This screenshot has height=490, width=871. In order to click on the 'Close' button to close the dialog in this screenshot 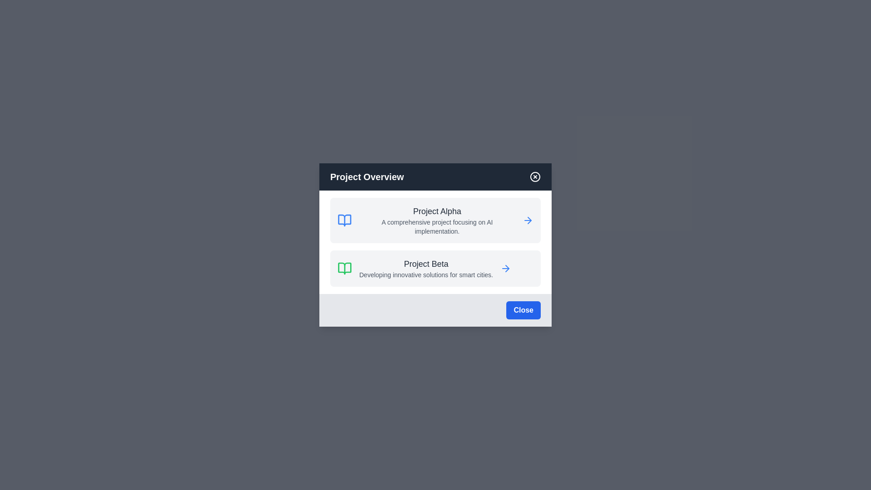, I will do `click(523, 309)`.